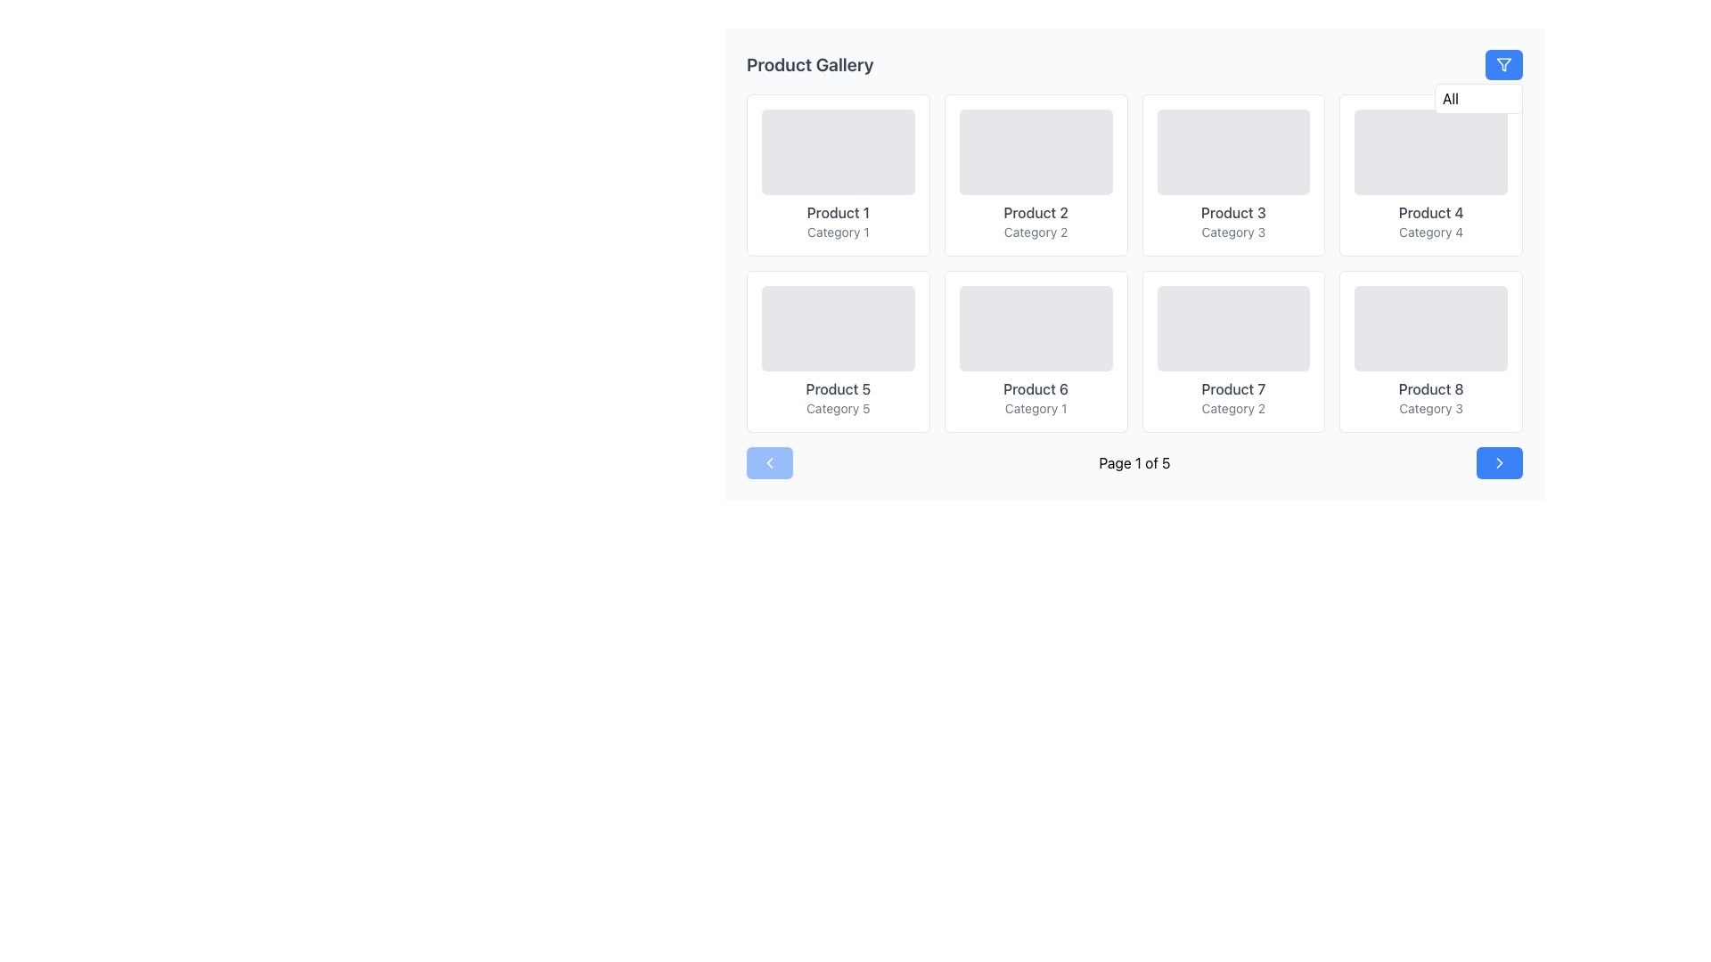 Image resolution: width=1711 pixels, height=962 pixels. Describe the element at coordinates (1499, 462) in the screenshot. I see `the right-facing chevron arrow icon in the bottom right navigation control` at that location.